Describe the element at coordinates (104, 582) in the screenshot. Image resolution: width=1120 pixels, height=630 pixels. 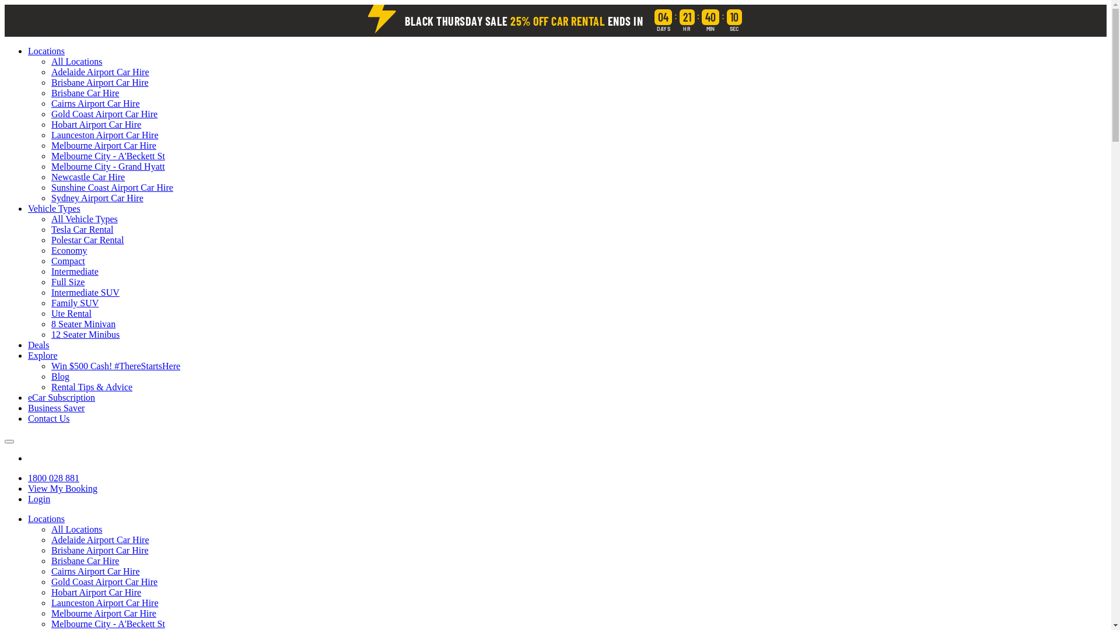
I see `'Gold Coast Airport Car Hire'` at that location.